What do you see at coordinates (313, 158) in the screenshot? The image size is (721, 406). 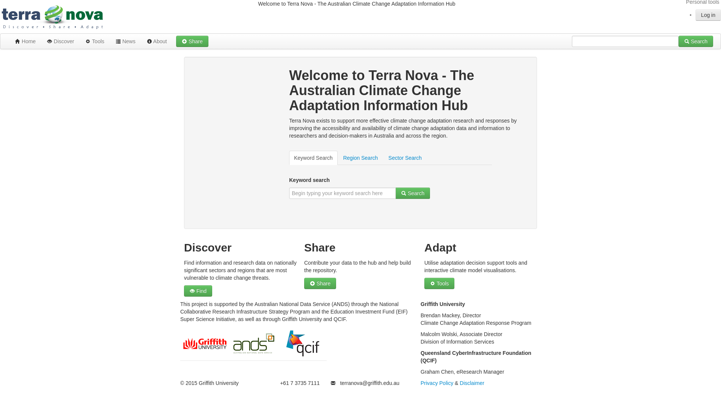 I see `'Keyword Search'` at bounding box center [313, 158].